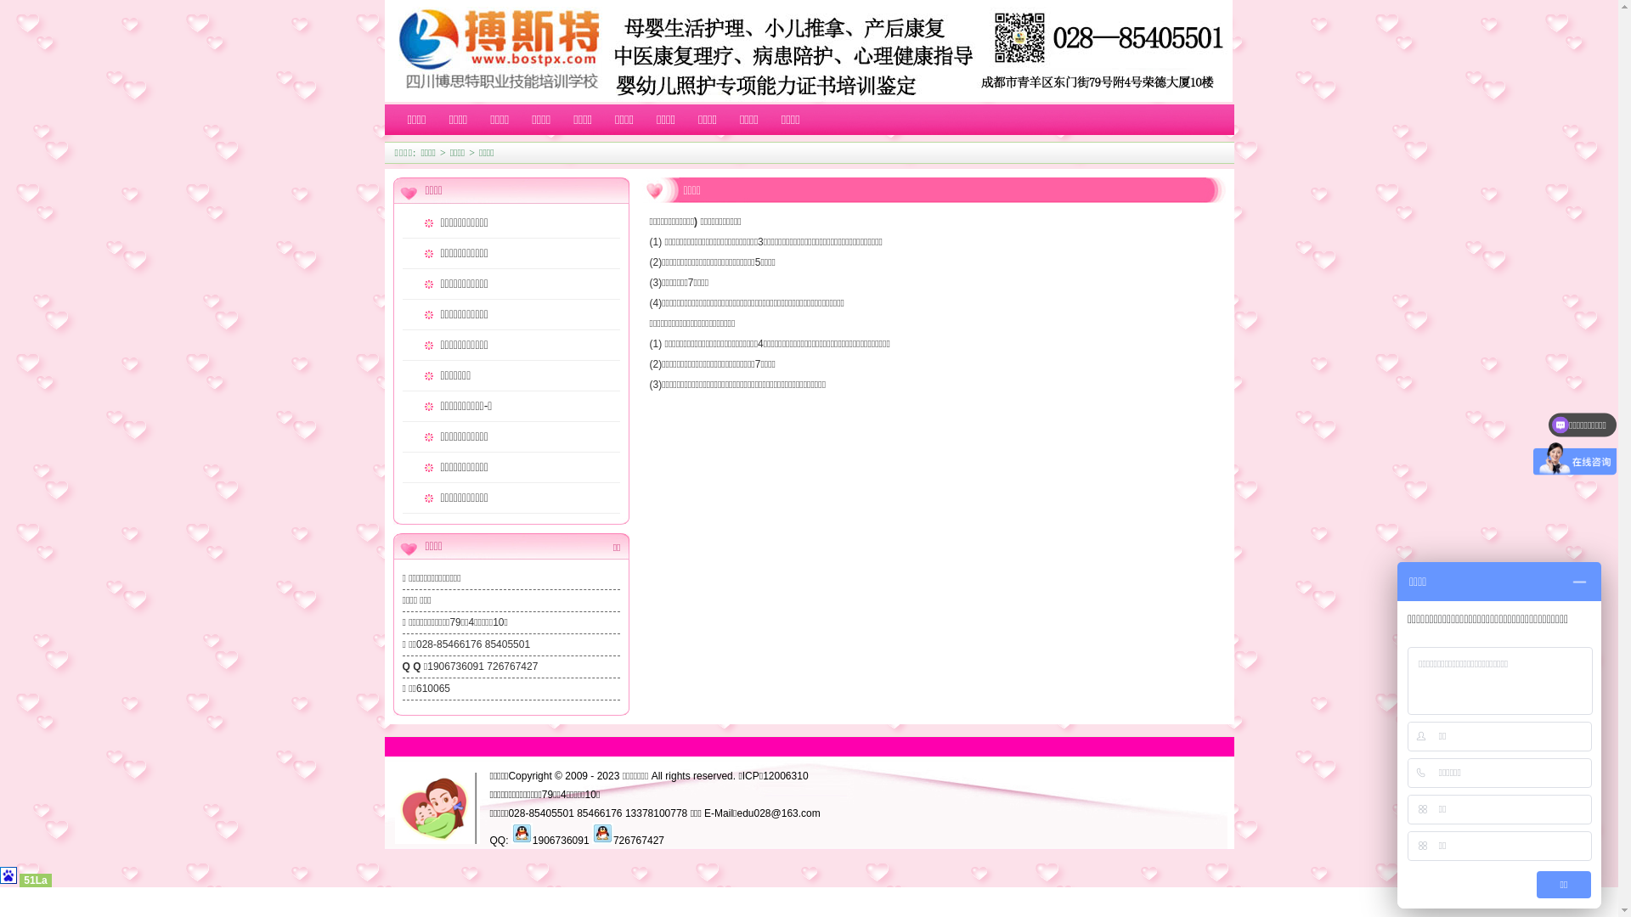 The height and width of the screenshot is (917, 1631). What do you see at coordinates (35, 880) in the screenshot?
I see `'51La'` at bounding box center [35, 880].